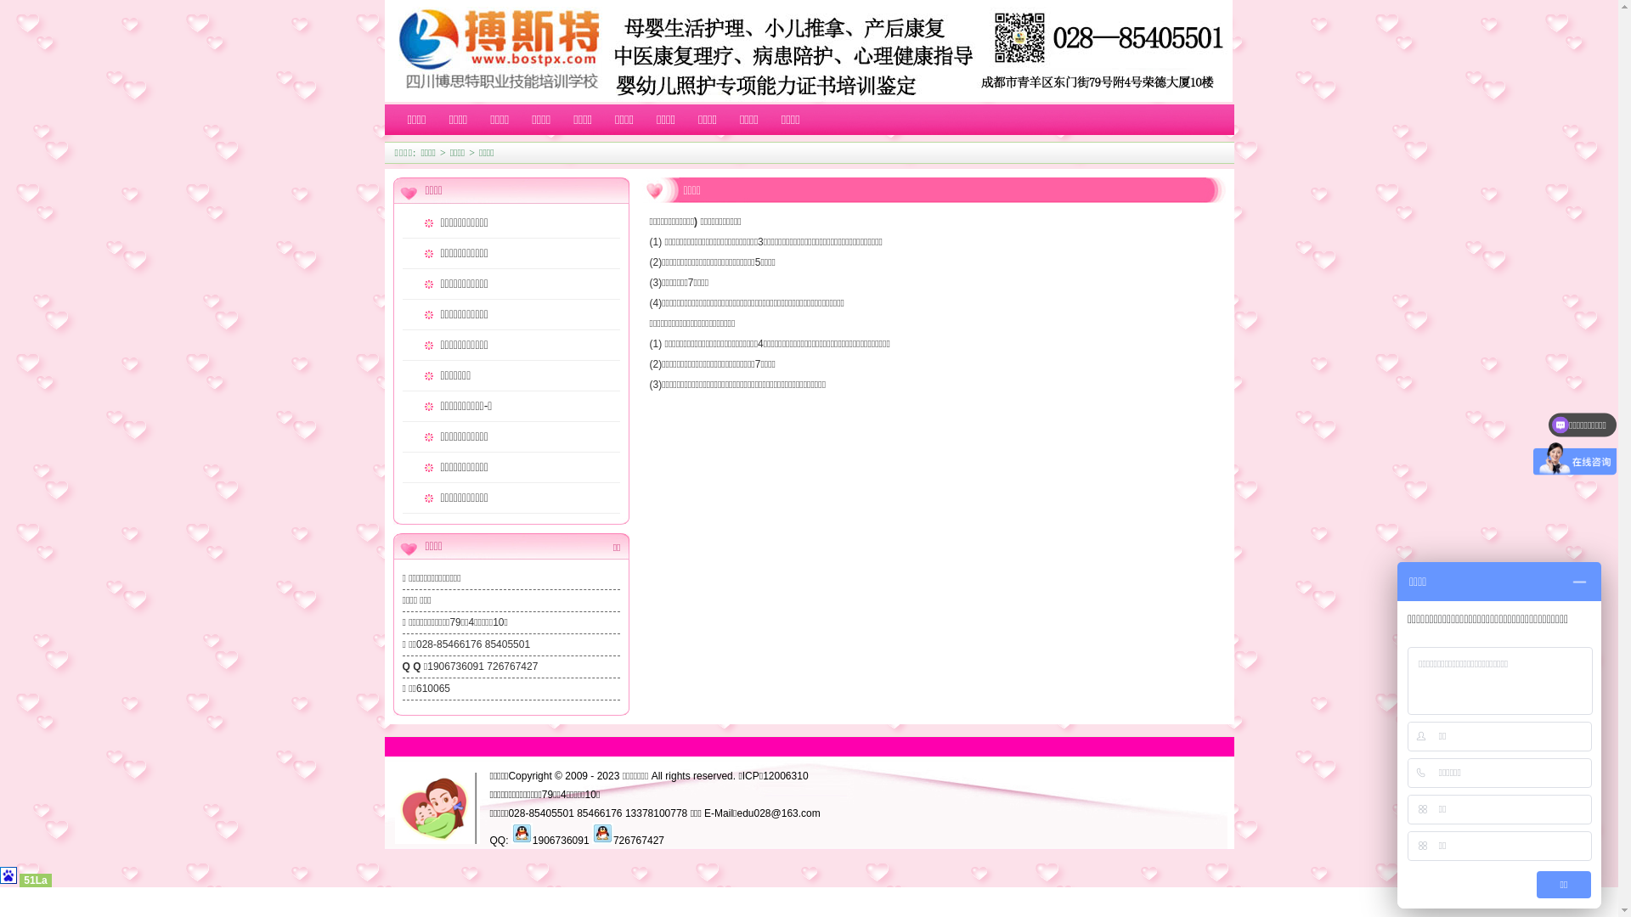 The height and width of the screenshot is (917, 1631). What do you see at coordinates (35, 880) in the screenshot?
I see `'51La'` at bounding box center [35, 880].